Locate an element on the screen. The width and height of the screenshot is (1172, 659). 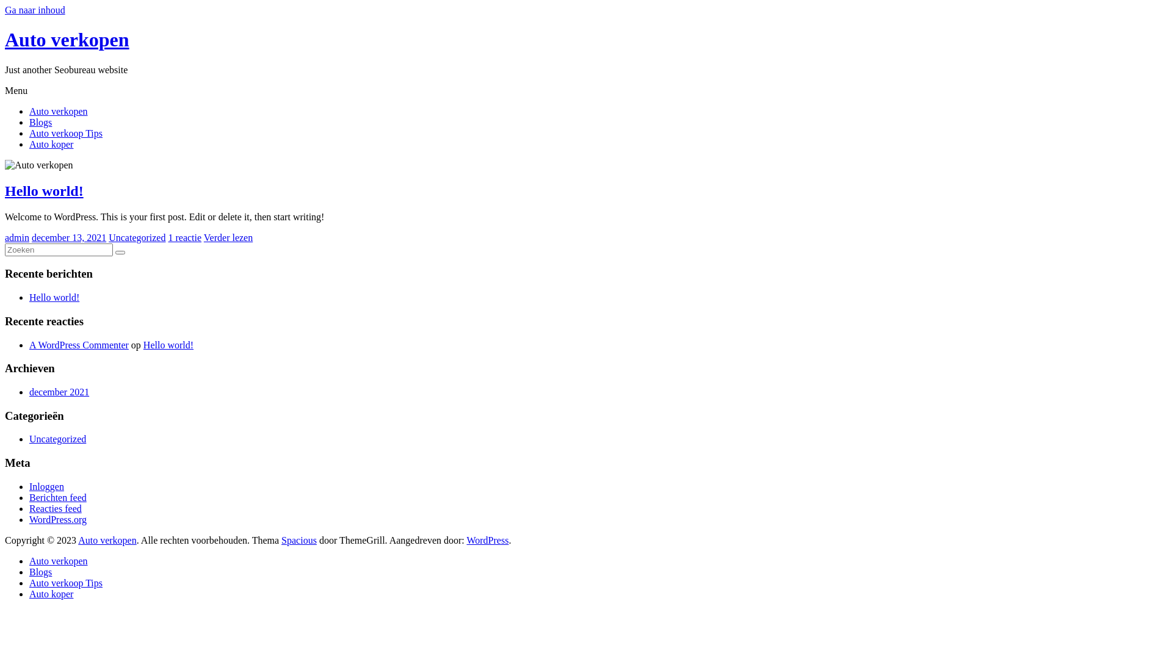
'Inloggen' is located at coordinates (29, 486).